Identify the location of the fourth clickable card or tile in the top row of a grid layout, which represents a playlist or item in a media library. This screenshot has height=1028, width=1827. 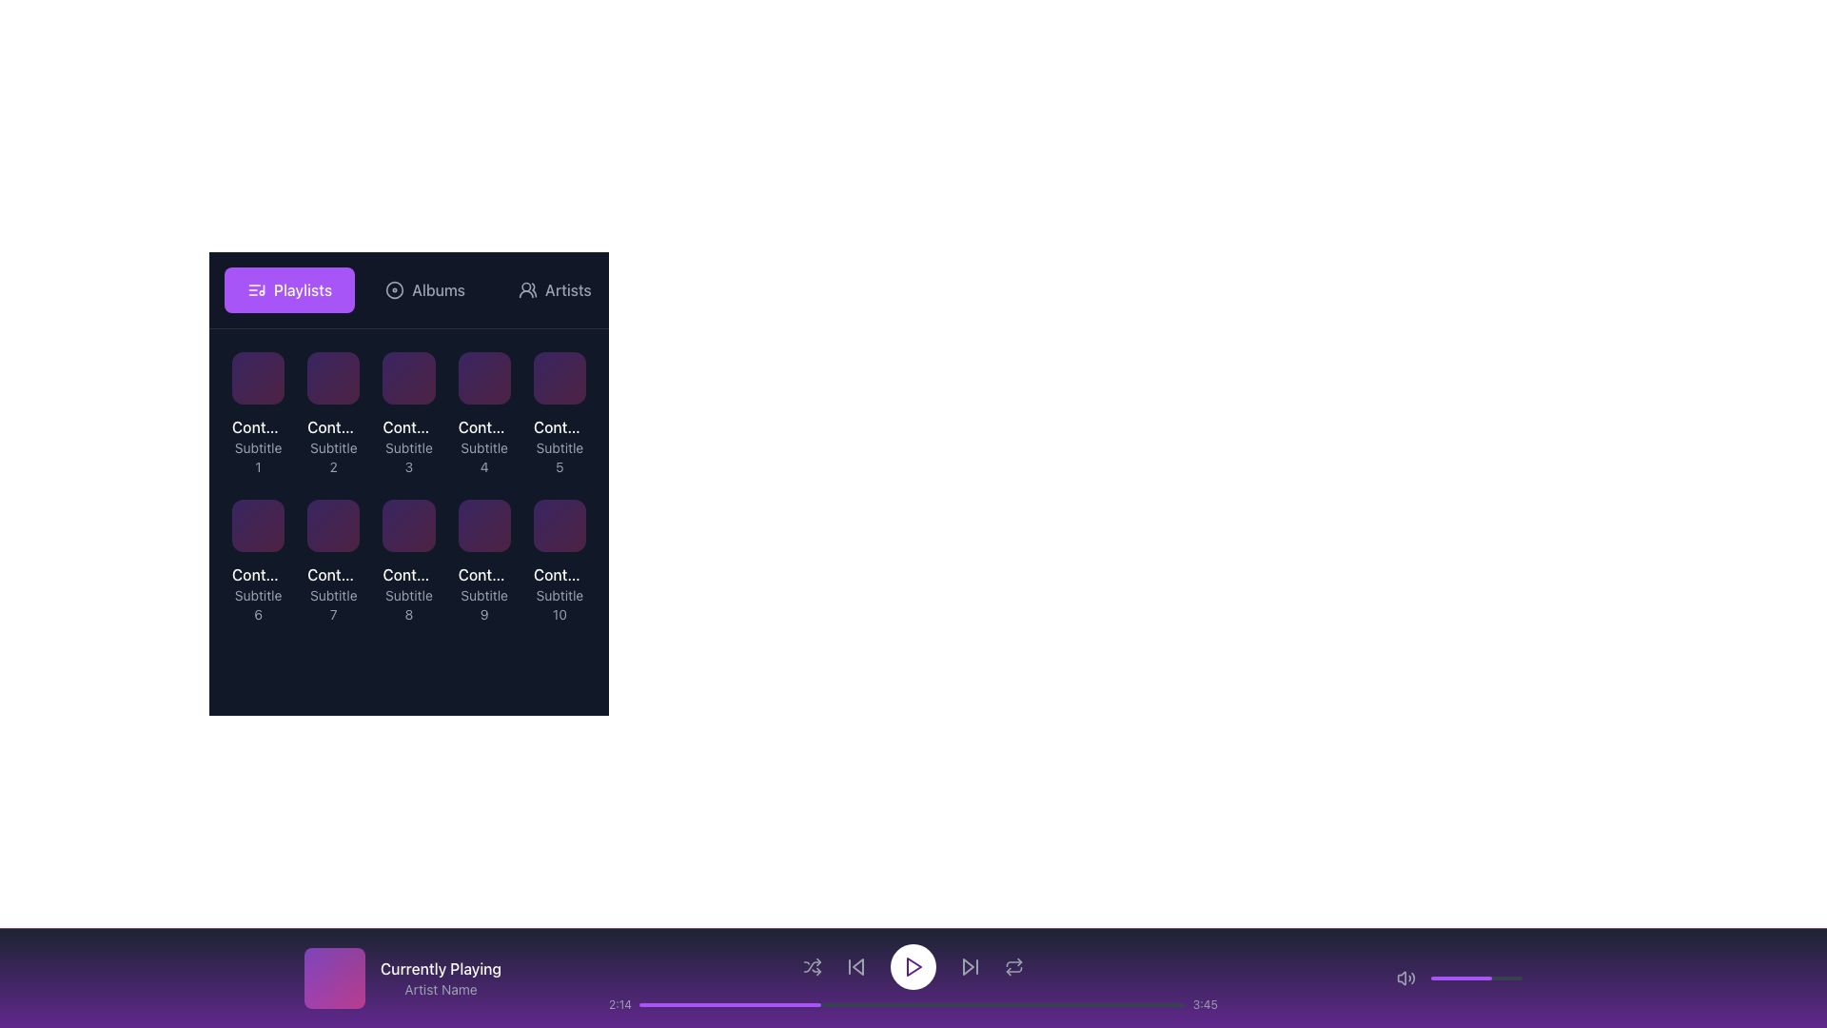
(484, 446).